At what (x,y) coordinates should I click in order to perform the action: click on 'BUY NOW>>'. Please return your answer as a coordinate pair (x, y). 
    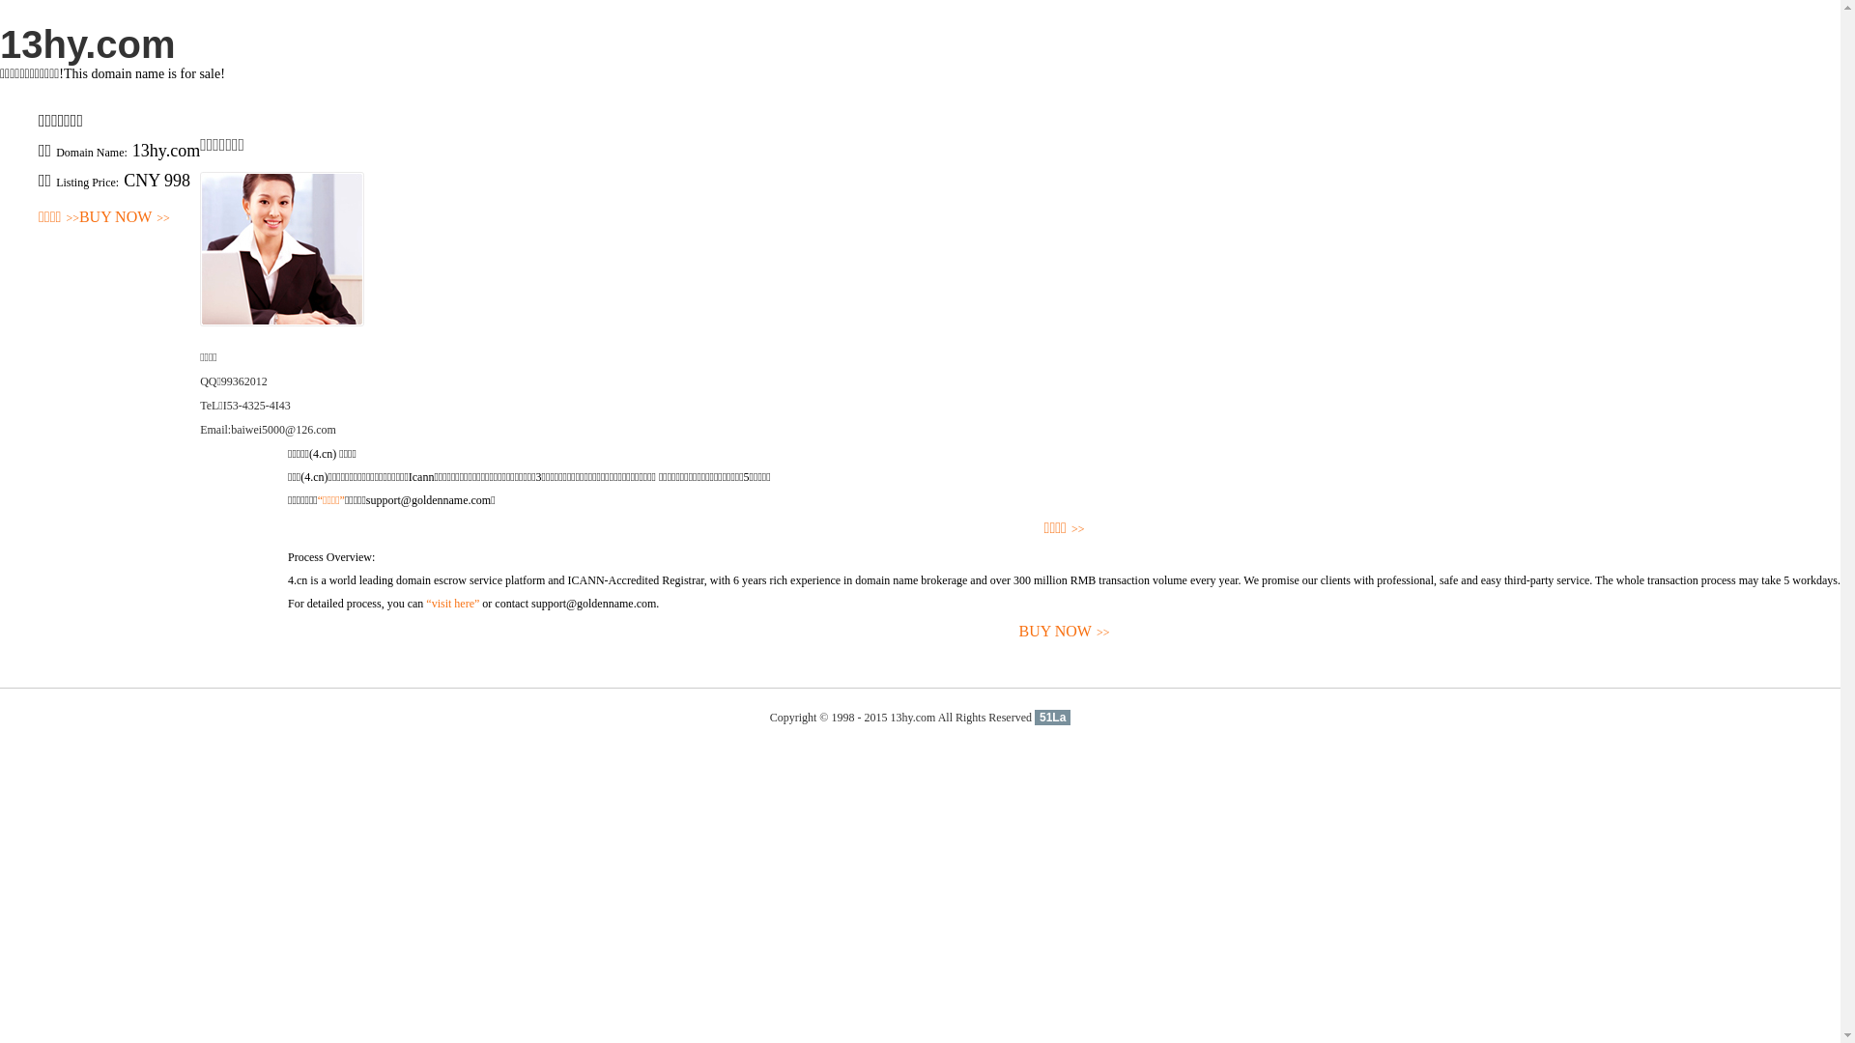
    Looking at the image, I should click on (124, 217).